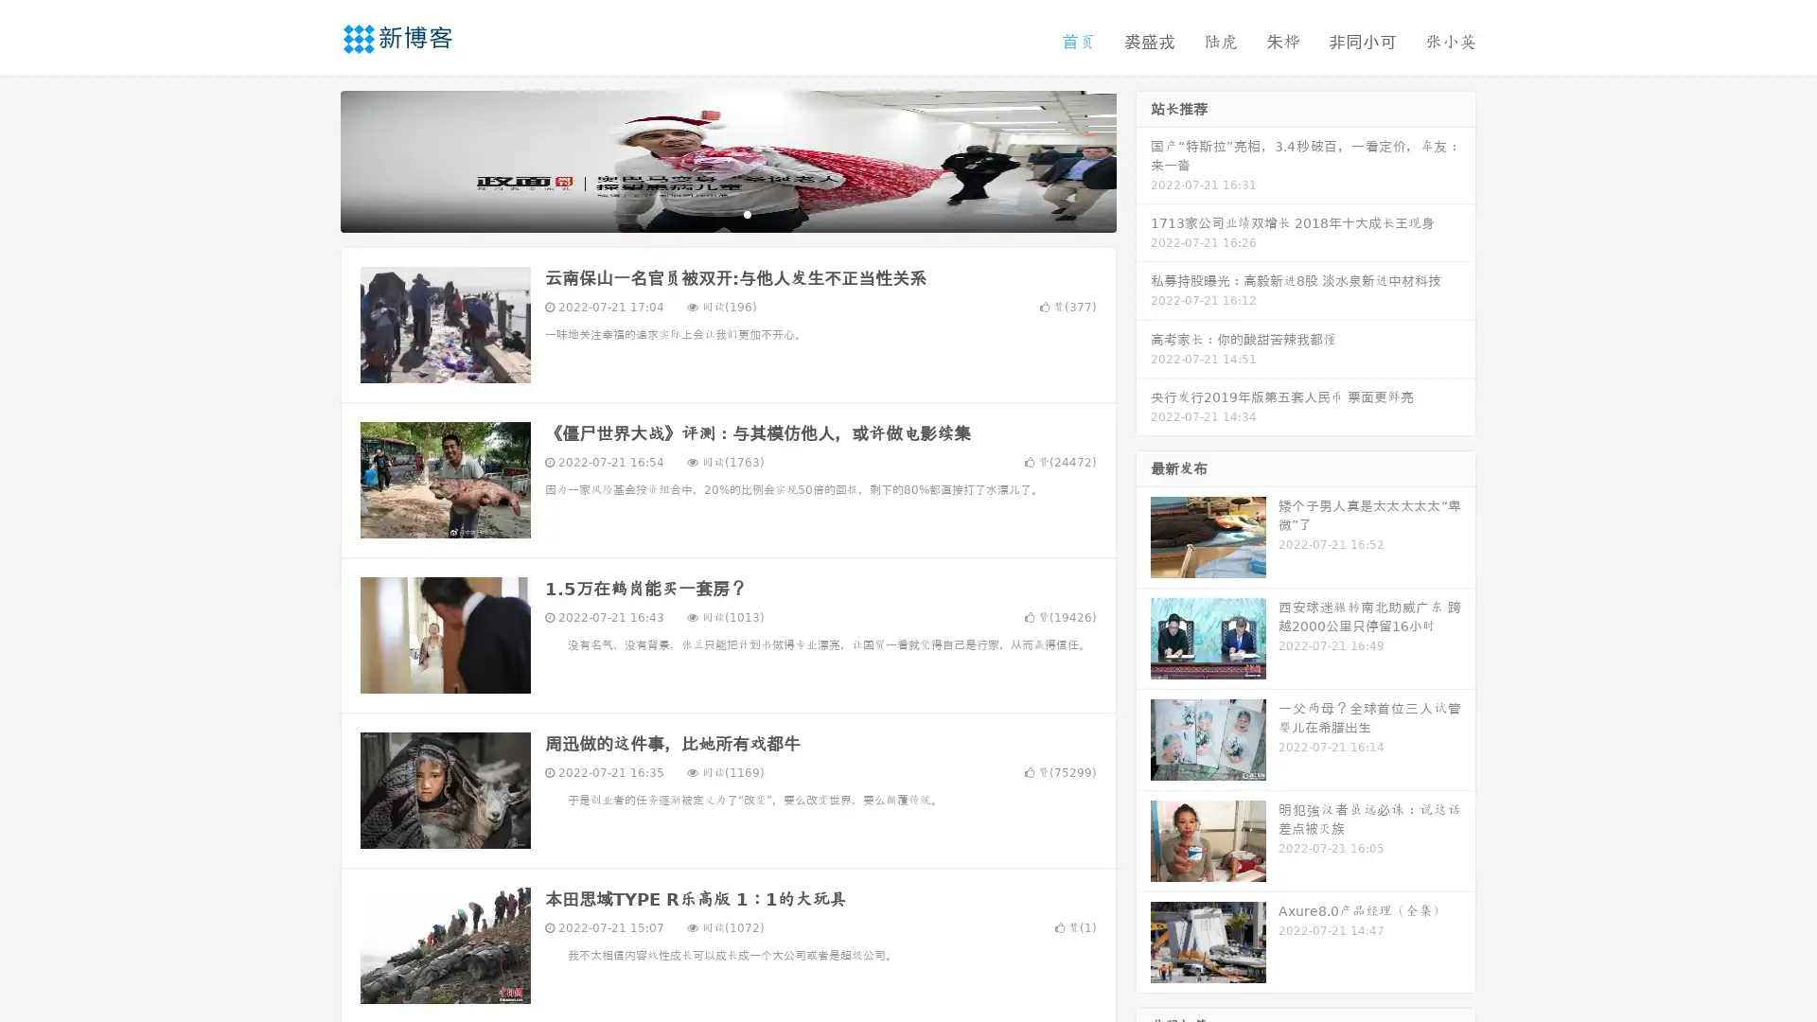  Describe the element at coordinates (727, 213) in the screenshot. I see `Go to slide 2` at that location.